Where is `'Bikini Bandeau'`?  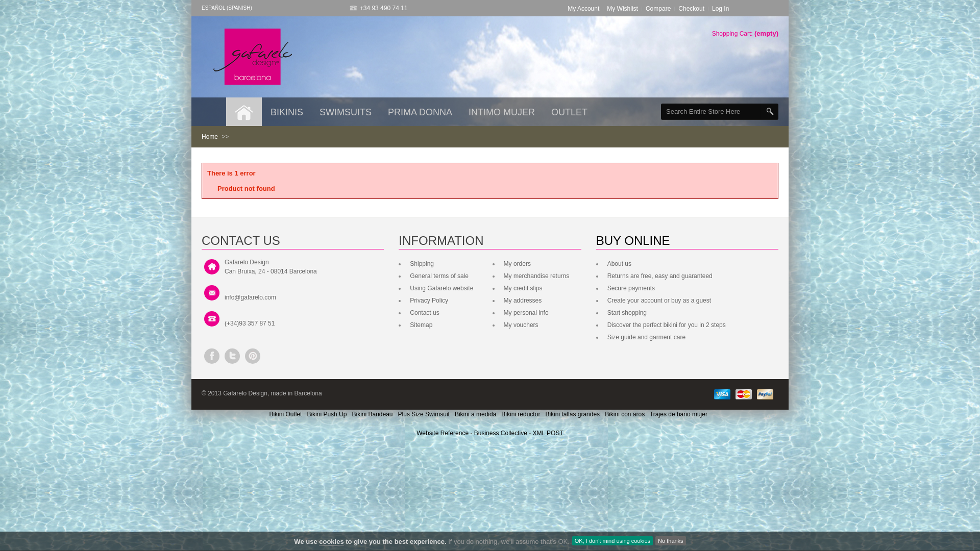 'Bikini Bandeau' is located at coordinates (372, 414).